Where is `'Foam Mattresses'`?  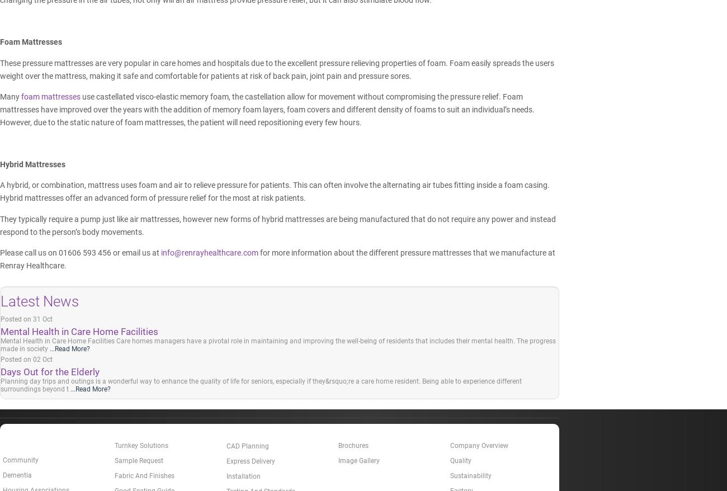 'Foam Mattresses' is located at coordinates (0, 42).